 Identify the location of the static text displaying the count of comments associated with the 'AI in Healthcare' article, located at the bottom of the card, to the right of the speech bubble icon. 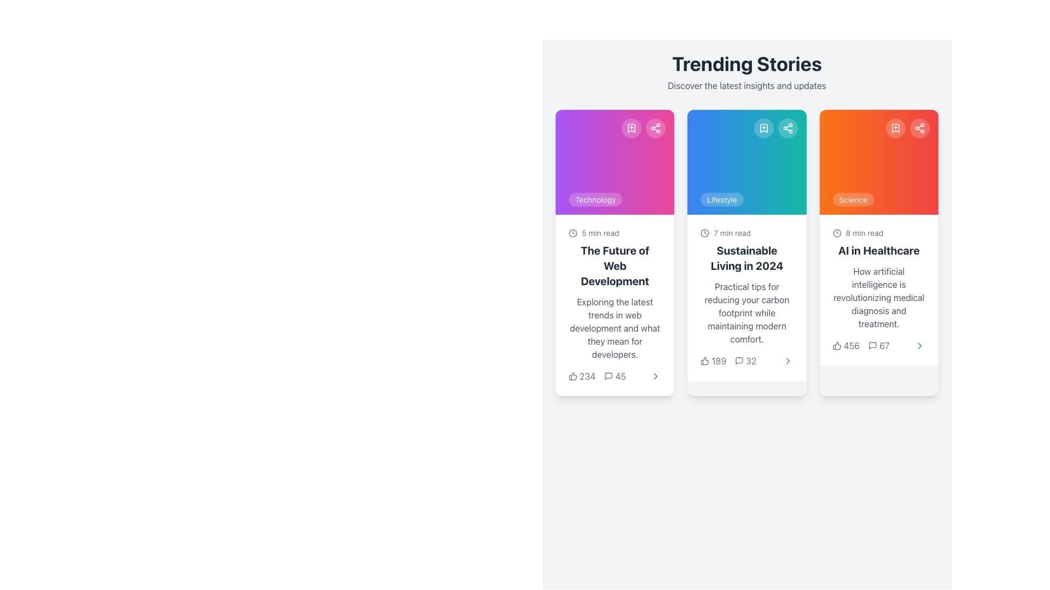
(884, 345).